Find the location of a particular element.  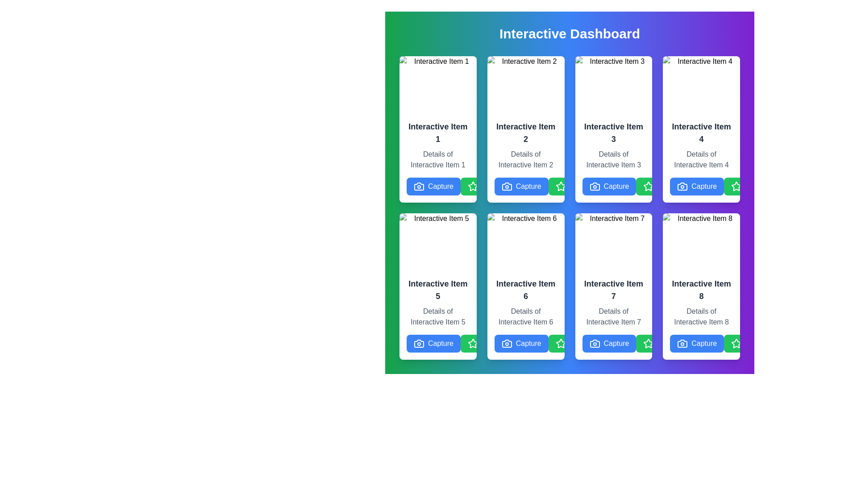

the favorite button located at the bottom-right corner of the card labeled 'Interactive Item 4' is located at coordinates (751, 186).